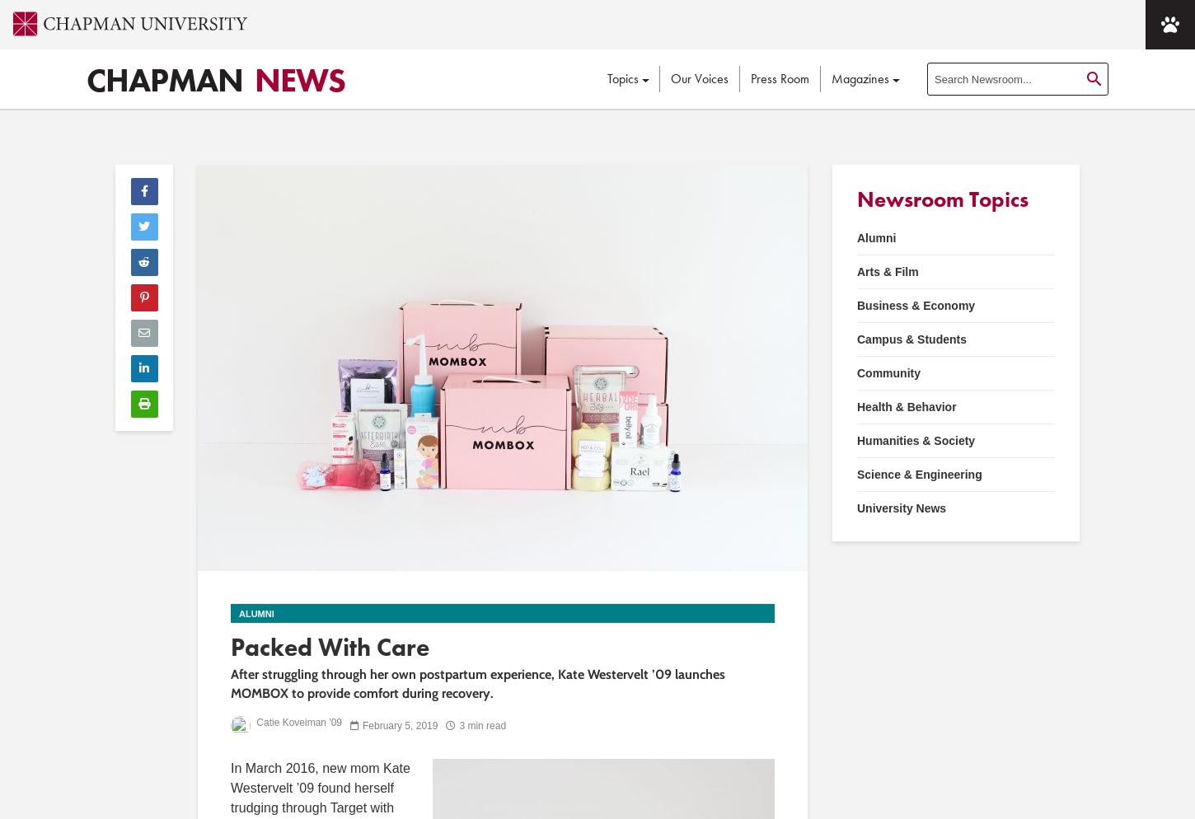 The image size is (1195, 819). I want to click on 'Humanities & Society', so click(915, 439).